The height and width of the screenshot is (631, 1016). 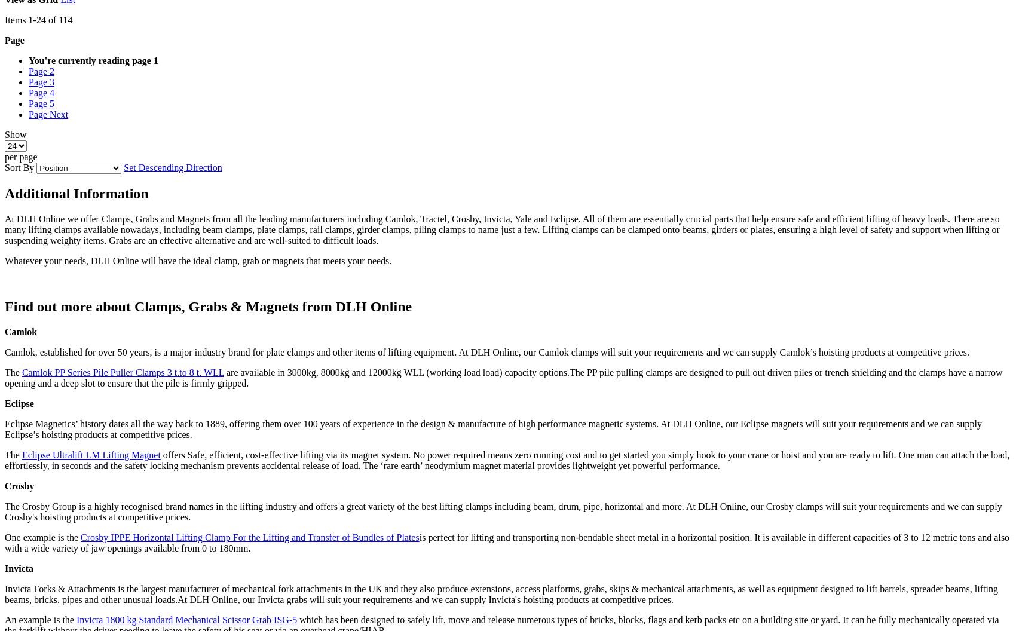 What do you see at coordinates (59, 114) in the screenshot?
I see `'Next'` at bounding box center [59, 114].